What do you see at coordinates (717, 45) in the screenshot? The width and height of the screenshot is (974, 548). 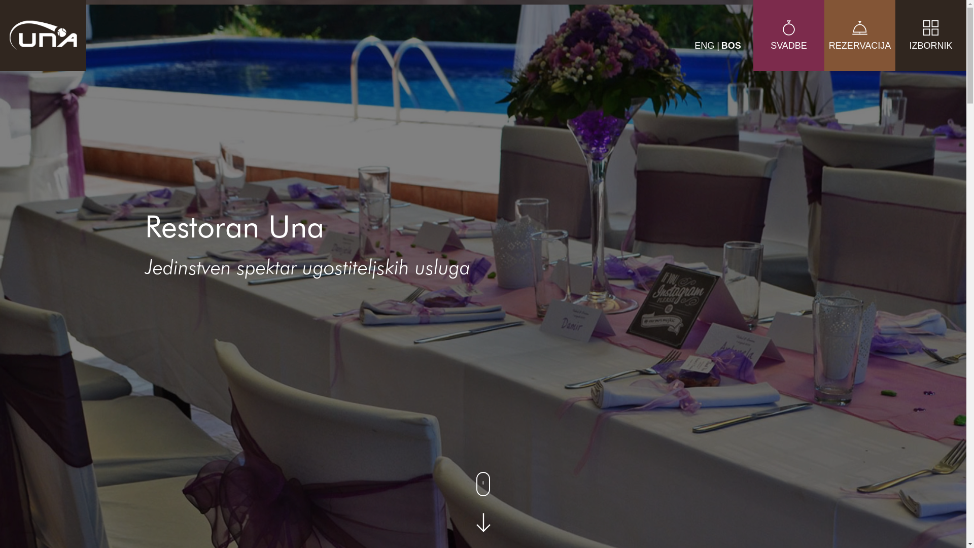 I see `'|'` at bounding box center [717, 45].